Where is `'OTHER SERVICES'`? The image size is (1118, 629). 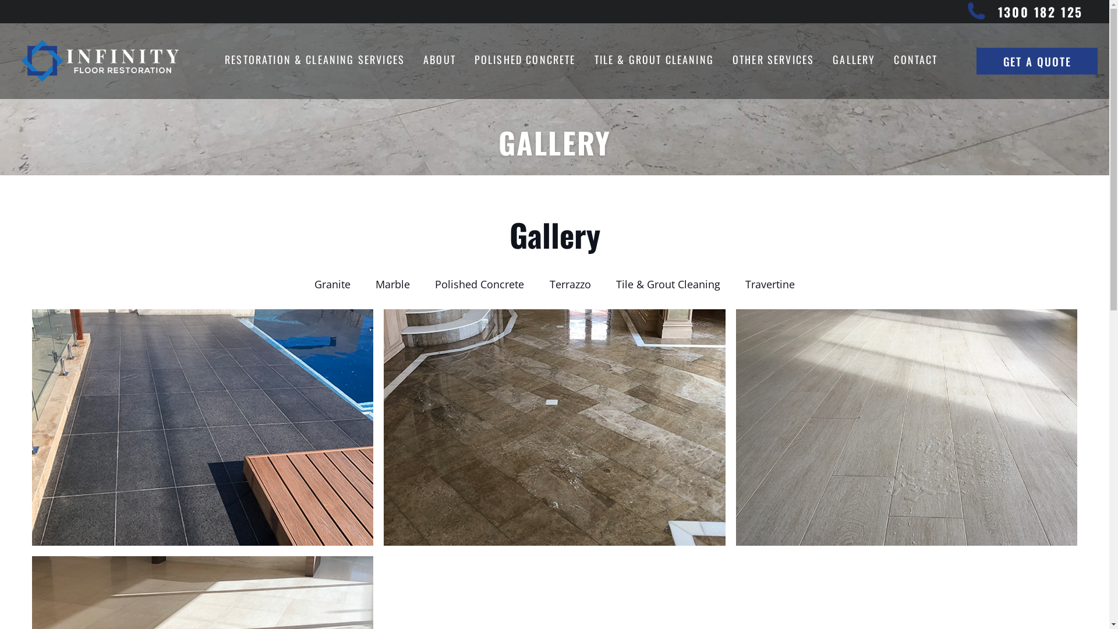 'OTHER SERVICES' is located at coordinates (723, 61).